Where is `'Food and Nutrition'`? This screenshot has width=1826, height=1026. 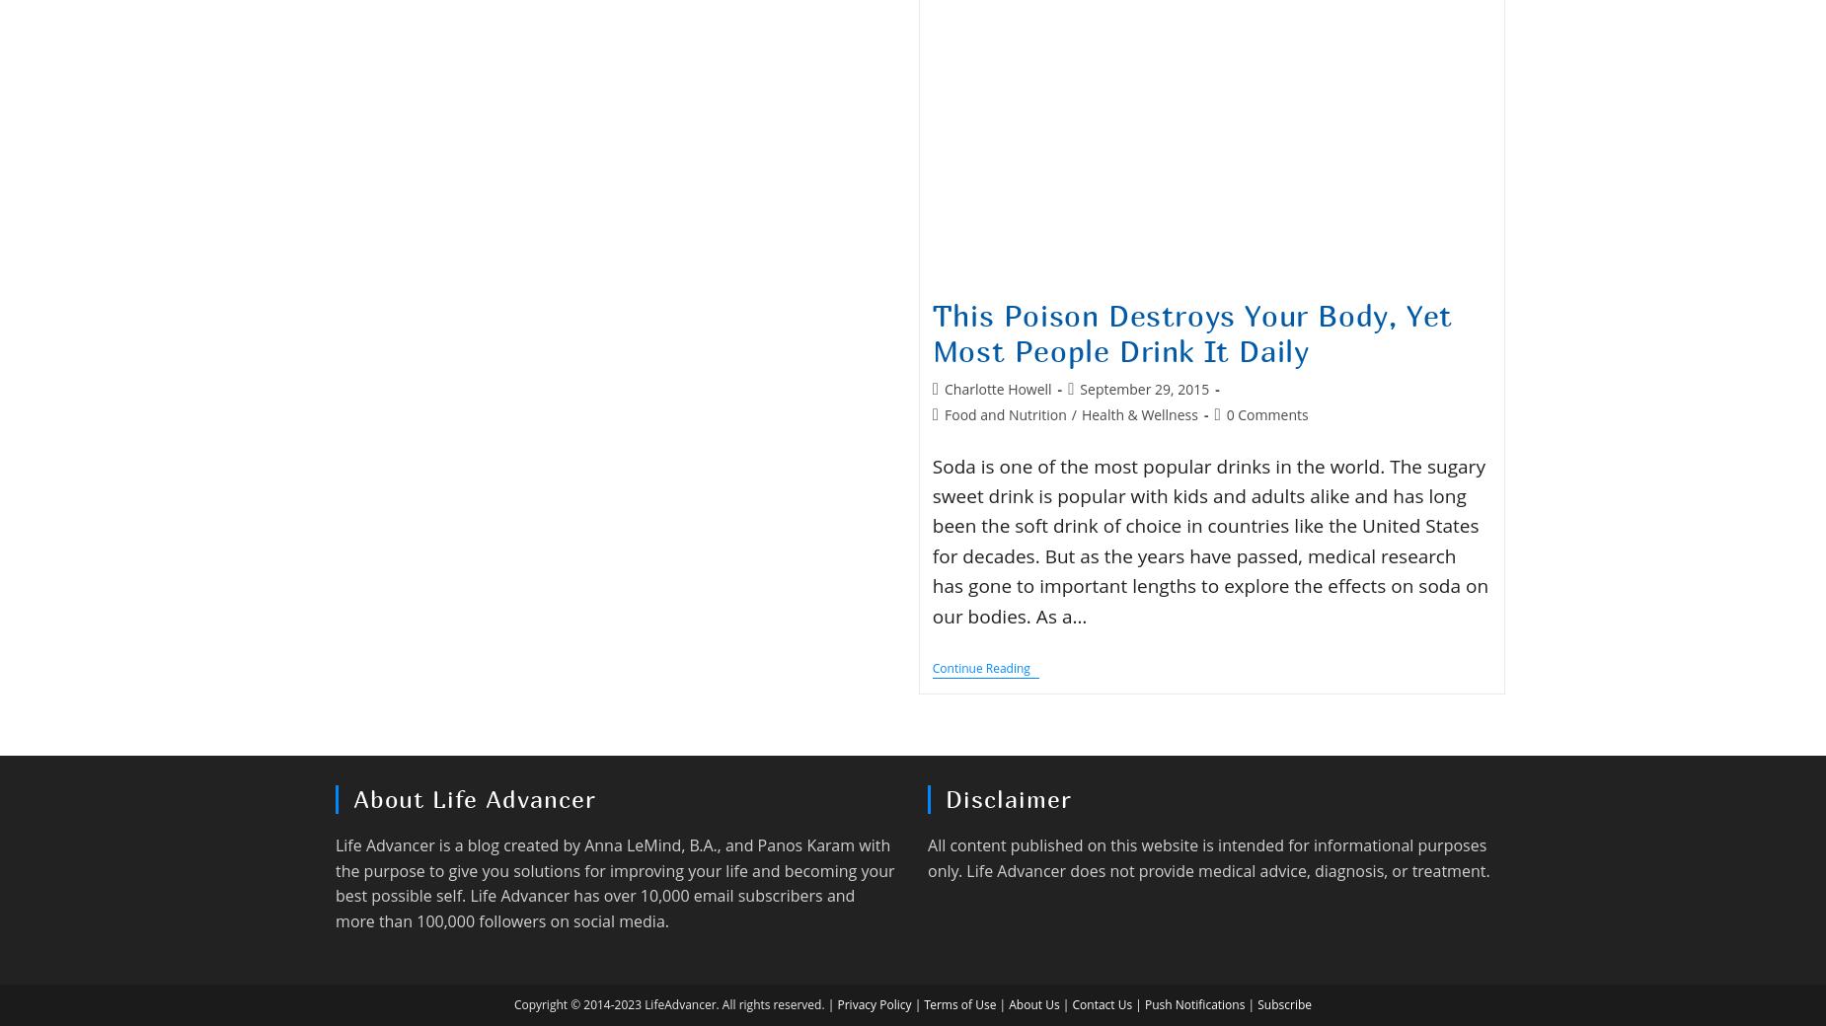
'Food and Nutrition' is located at coordinates (1004, 413).